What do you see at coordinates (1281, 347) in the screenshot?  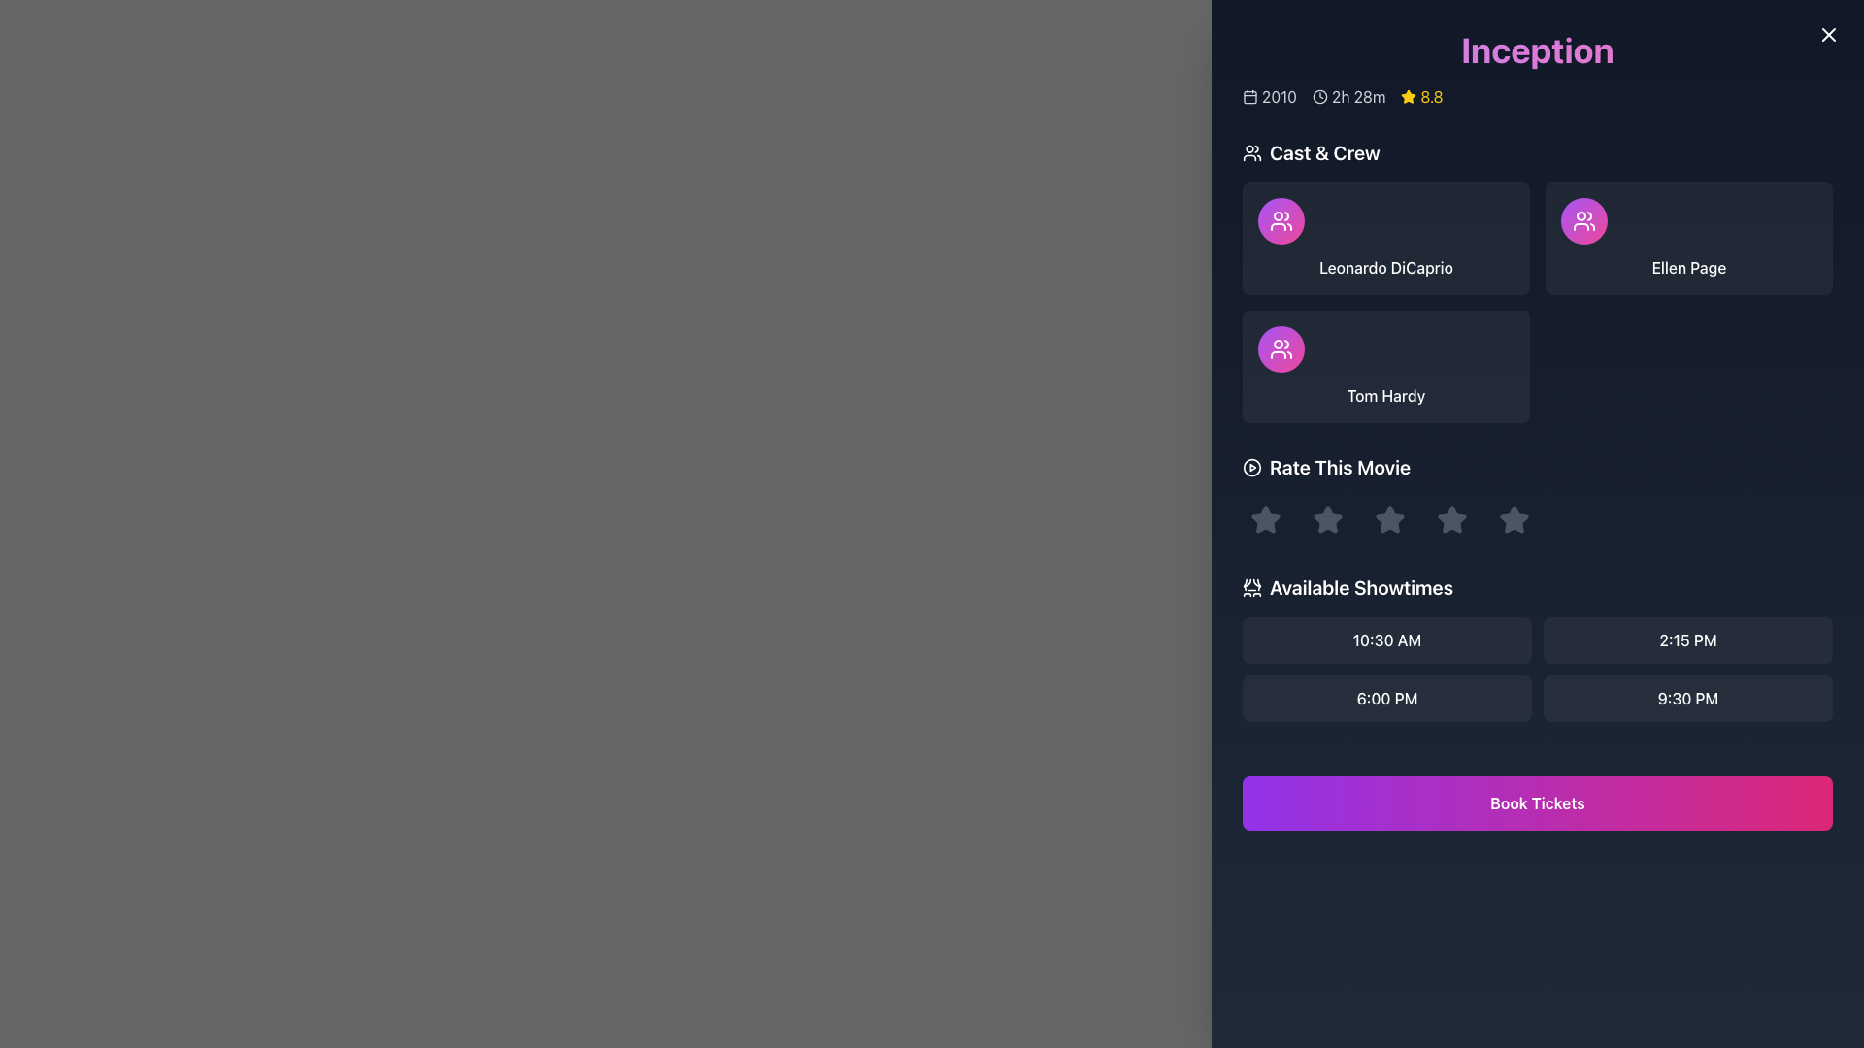 I see `the user profile icon in the 'Cast & Crew' section, which is positioned in the top-right corner of the rounded square card labeled 'Ellen Page'` at bounding box center [1281, 347].